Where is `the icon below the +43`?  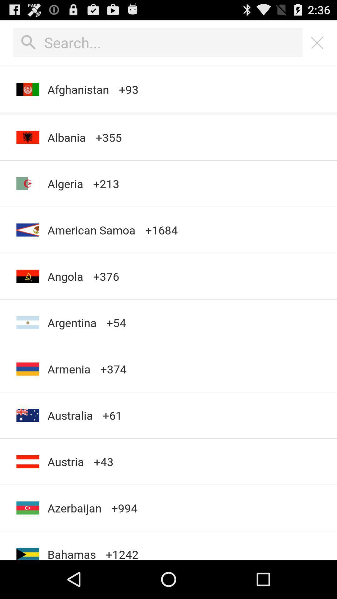
the icon below the +43 is located at coordinates (124, 508).